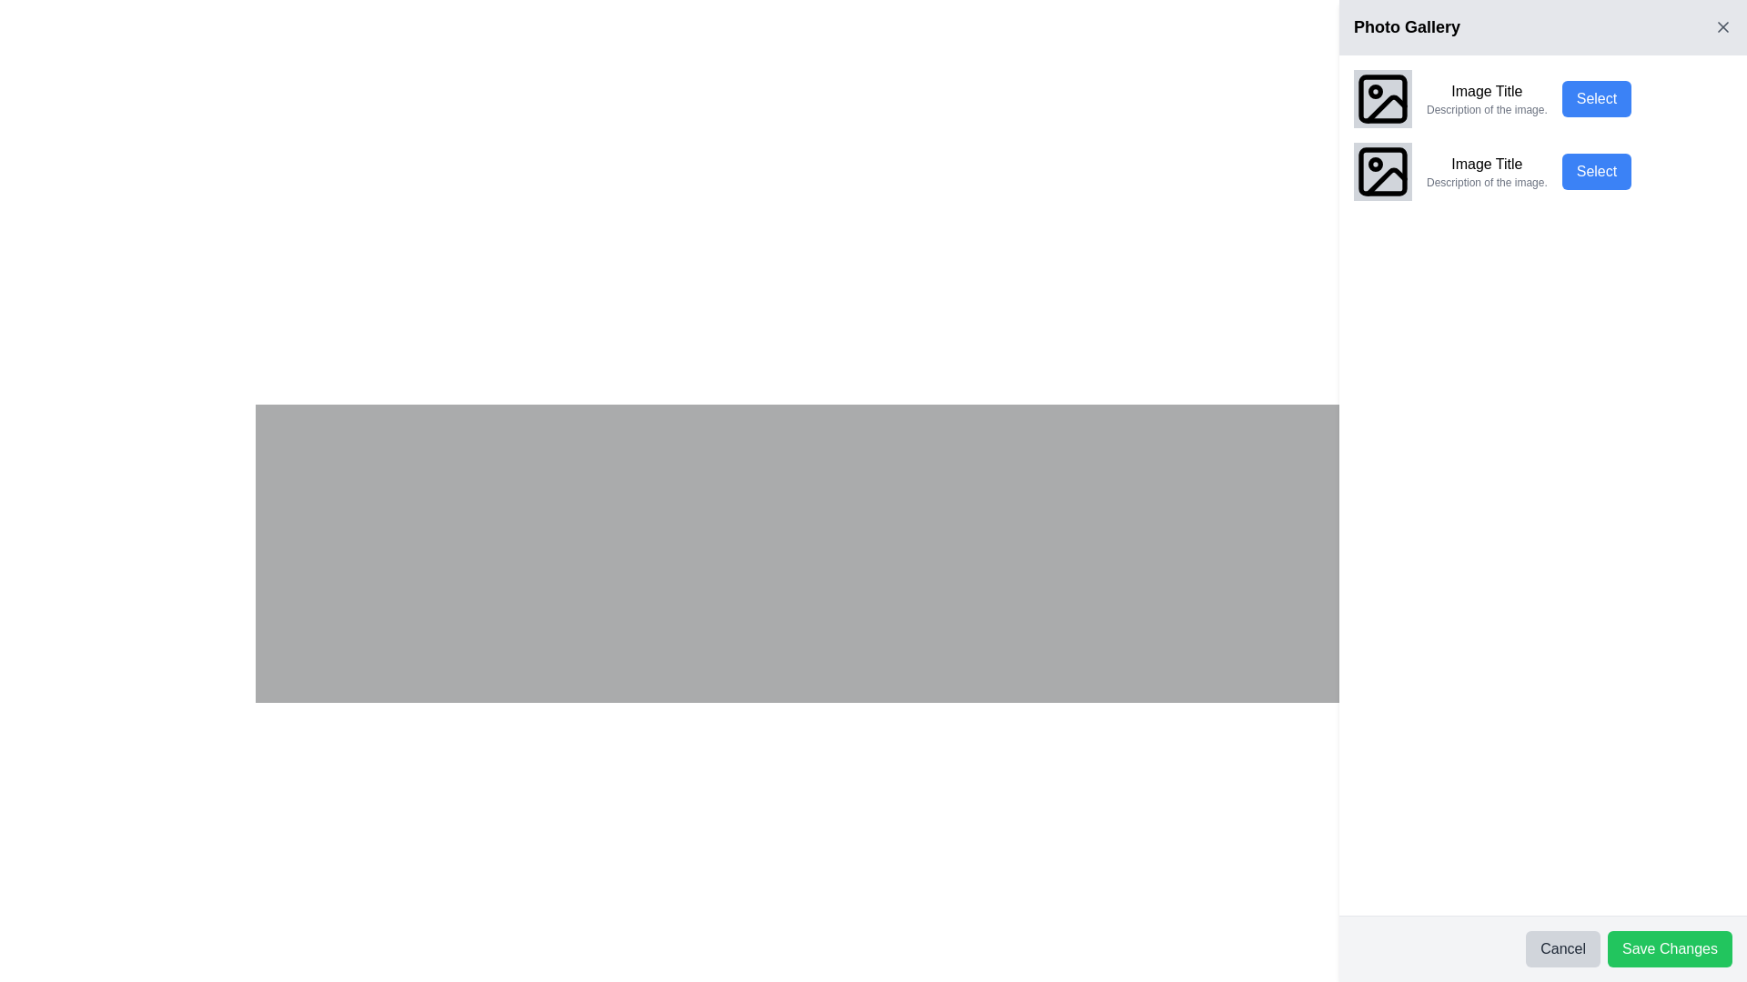 This screenshot has width=1747, height=982. Describe the element at coordinates (1722, 27) in the screenshot. I see `the close button located at the top-right of the modal window next to the 'Photo Gallery' label` at that location.